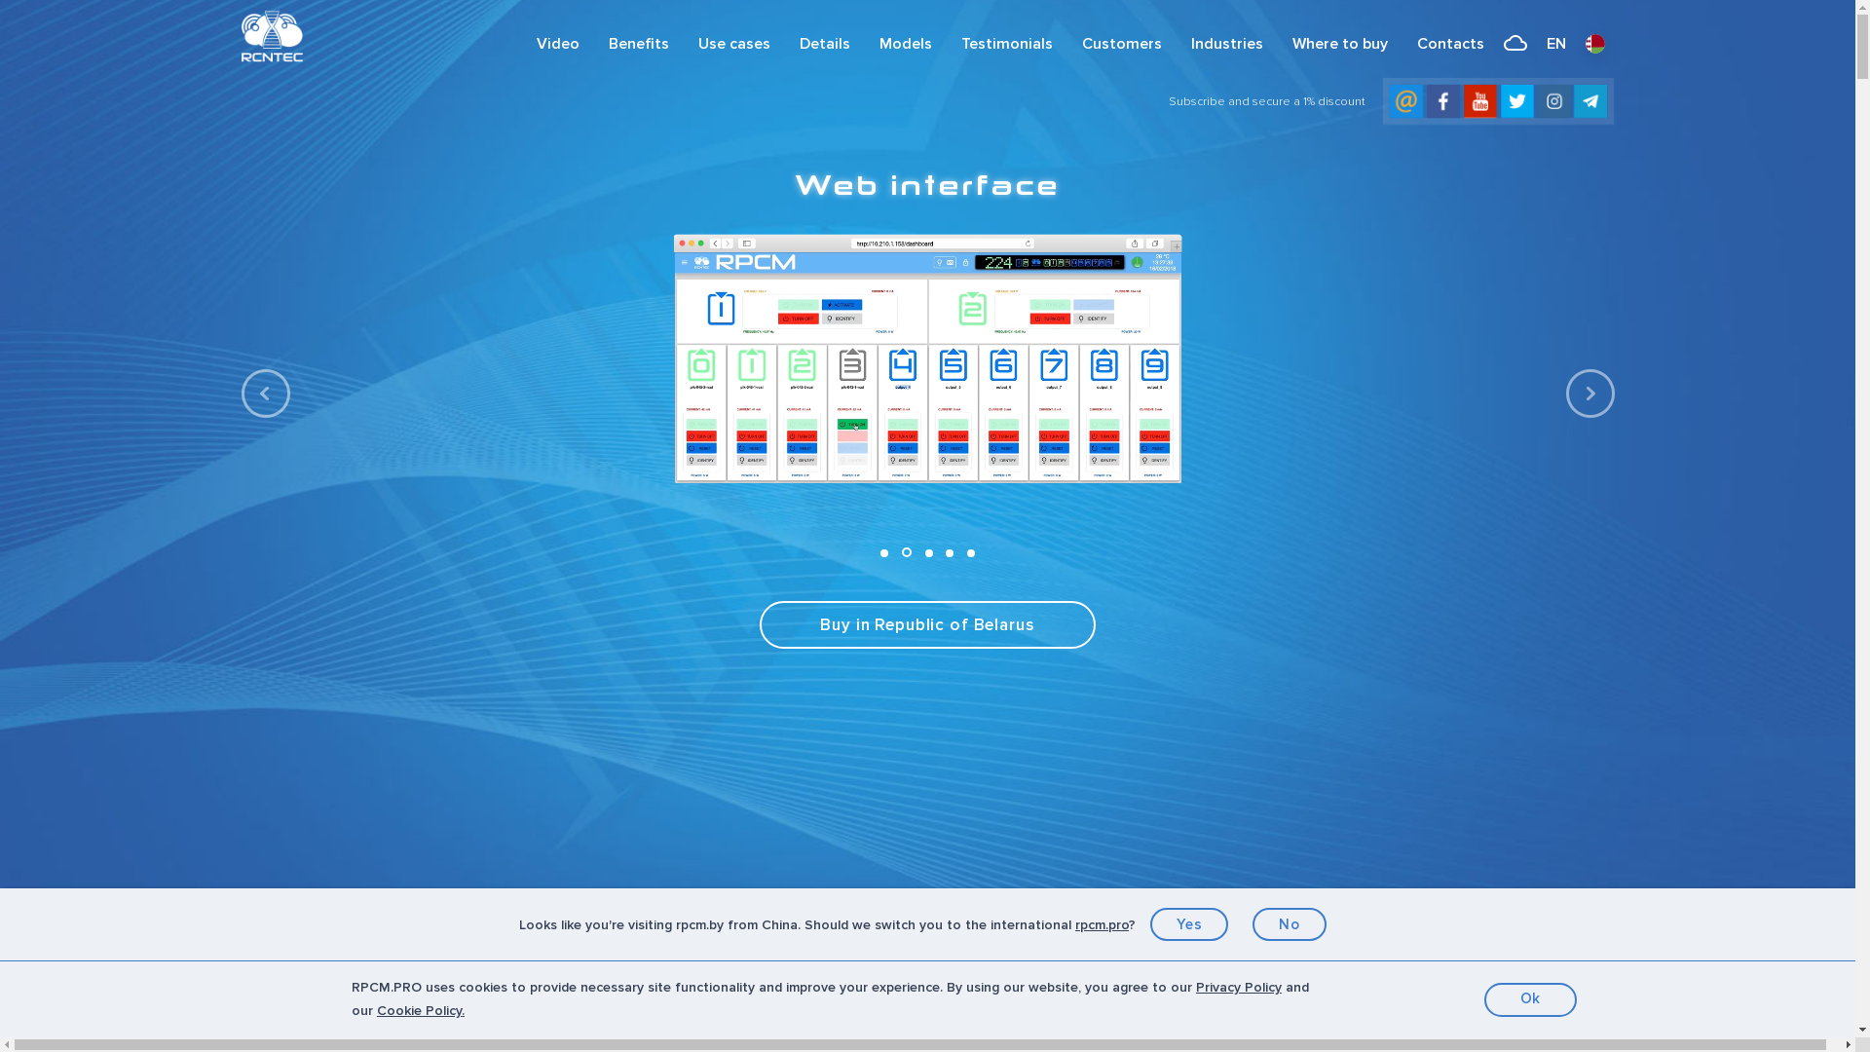  What do you see at coordinates (905, 44) in the screenshot?
I see `'Models'` at bounding box center [905, 44].